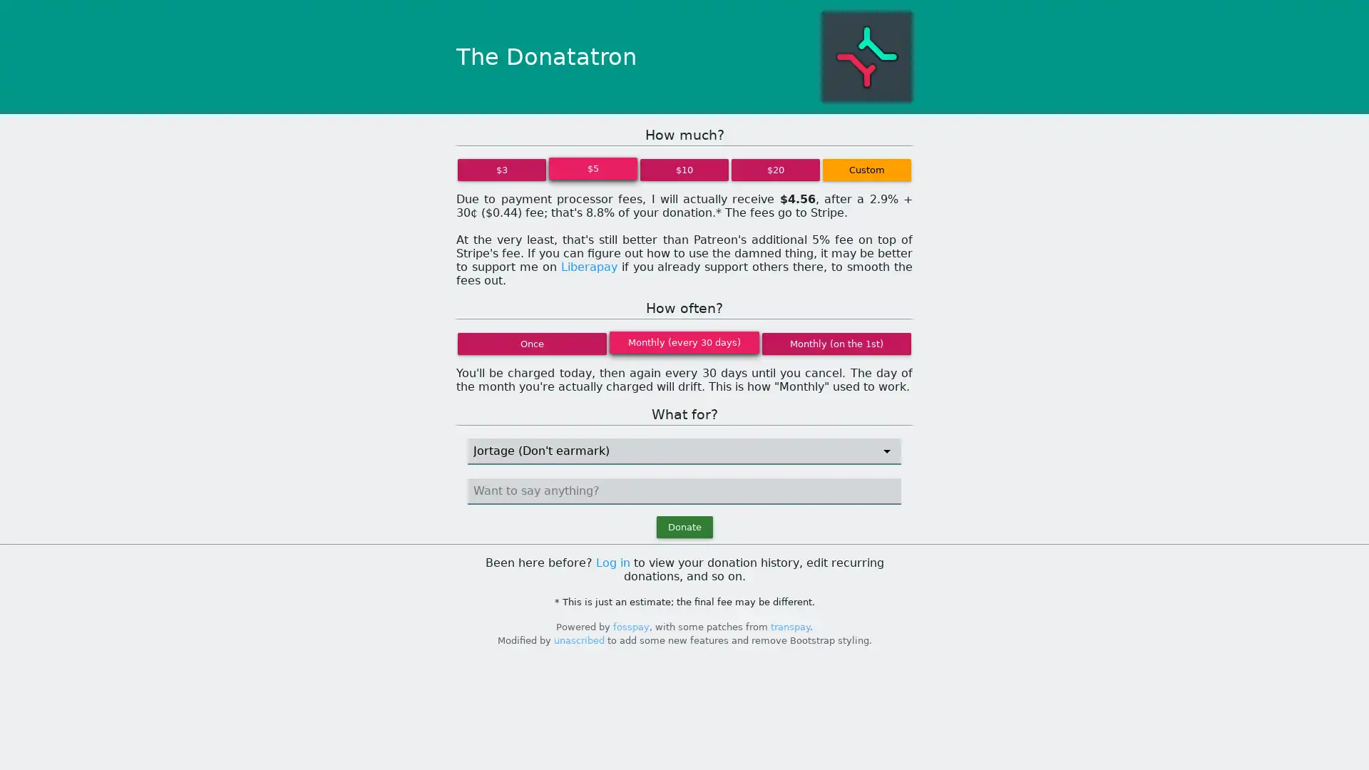 This screenshot has width=1369, height=770. What do you see at coordinates (866, 169) in the screenshot?
I see `Custom` at bounding box center [866, 169].